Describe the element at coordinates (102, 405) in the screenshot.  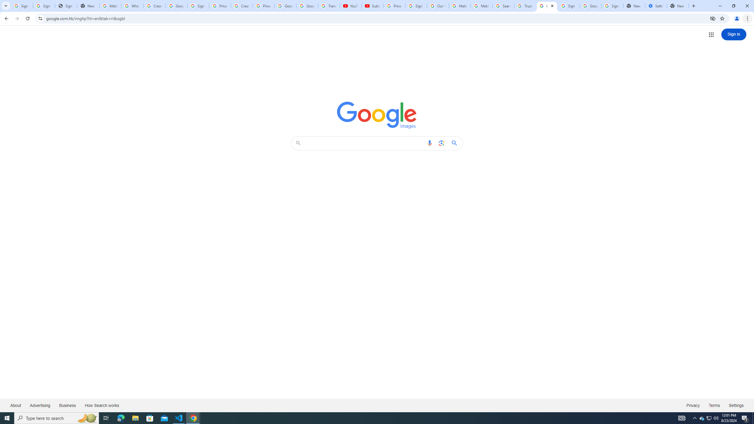
I see `'How Search works'` at that location.